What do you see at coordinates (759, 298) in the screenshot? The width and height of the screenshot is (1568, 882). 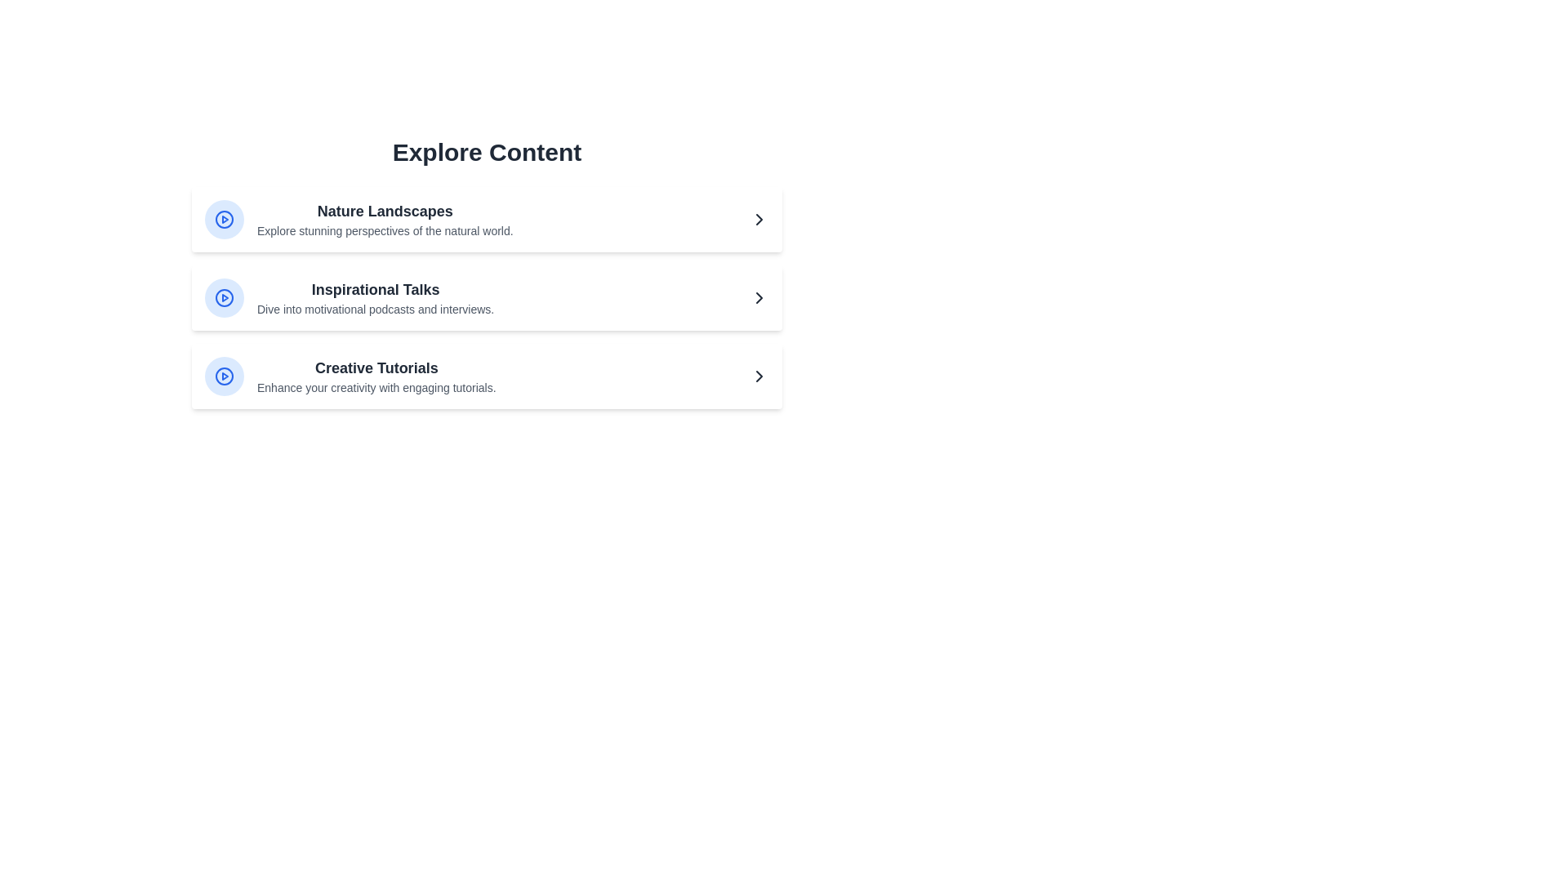 I see `the arrow button for Inspirational Talks to navigate to more details` at bounding box center [759, 298].